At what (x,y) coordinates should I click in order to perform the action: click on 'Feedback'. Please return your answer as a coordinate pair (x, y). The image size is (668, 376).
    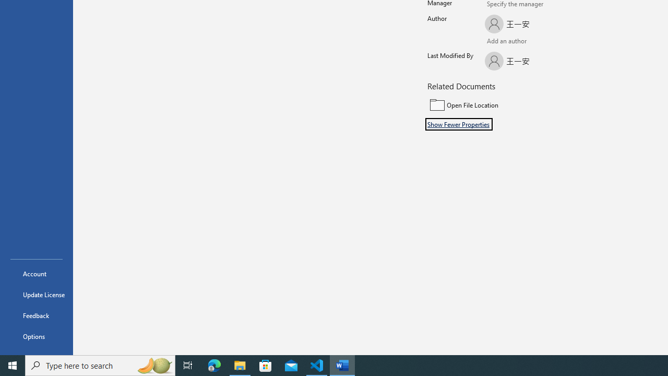
    Looking at the image, I should click on (36, 315).